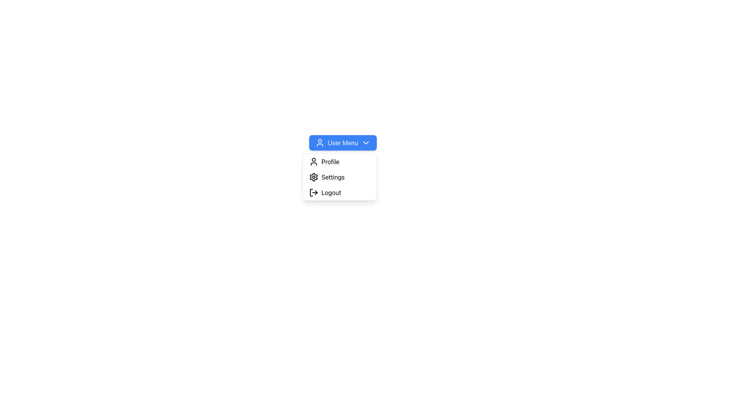 The image size is (742, 417). Describe the element at coordinates (339, 177) in the screenshot. I see `the 'Settings' button, which has a gear icon and is positioned as the second option in the dropdown menu under 'User Menu'` at that location.